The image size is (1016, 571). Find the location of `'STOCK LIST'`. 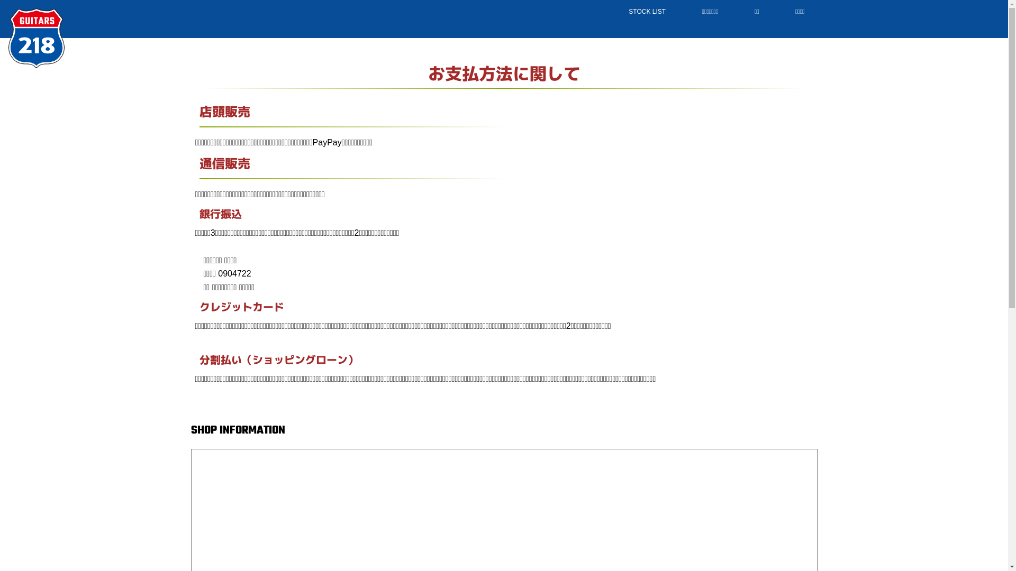

'STOCK LIST' is located at coordinates (612, 12).